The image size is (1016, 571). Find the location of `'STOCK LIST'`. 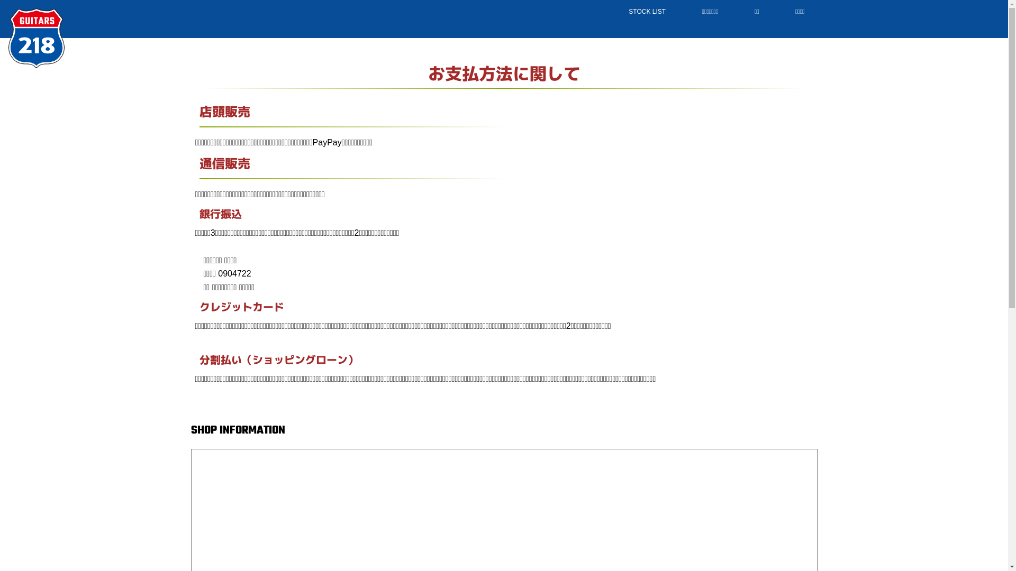

'STOCK LIST' is located at coordinates (612, 12).